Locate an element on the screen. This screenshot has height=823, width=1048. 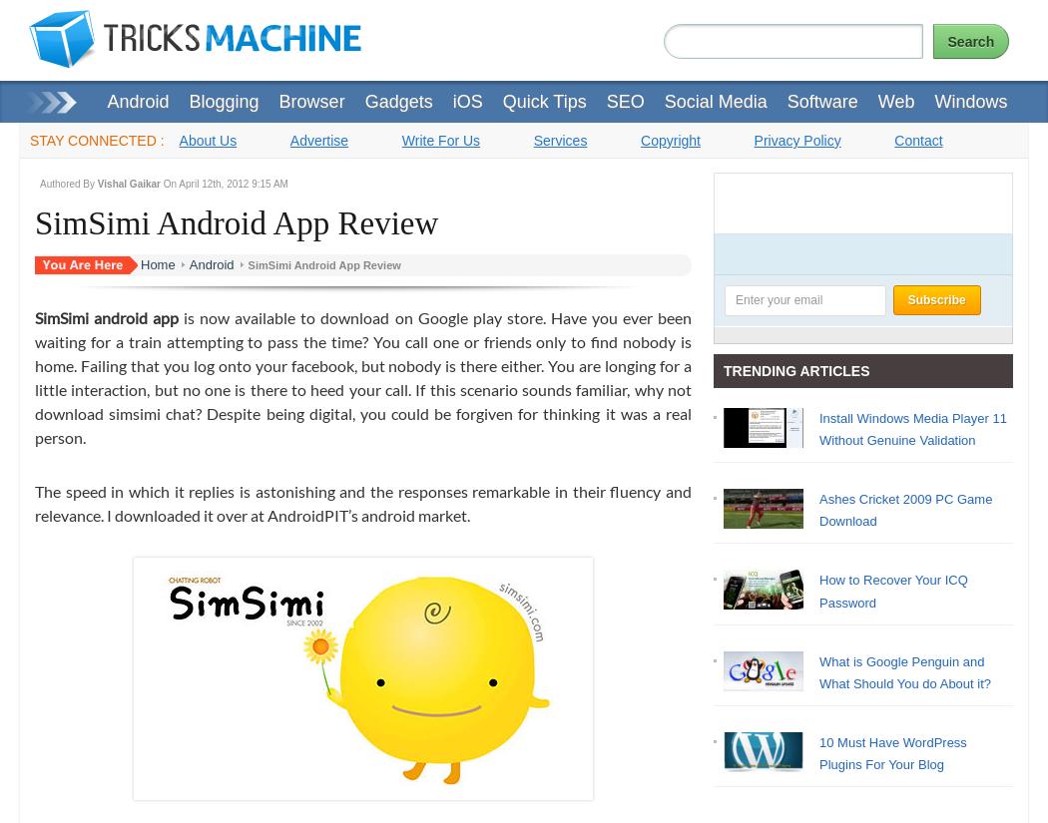
'Advertise' is located at coordinates (318, 139).